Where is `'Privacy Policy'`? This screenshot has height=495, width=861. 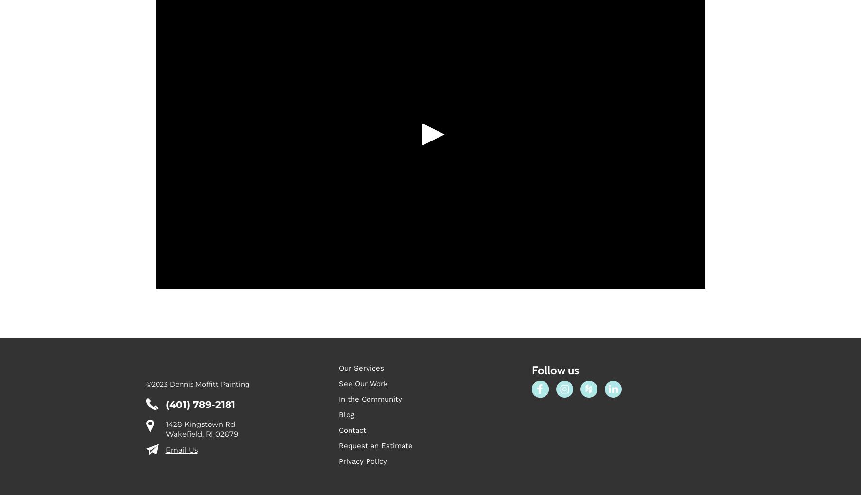 'Privacy Policy' is located at coordinates (363, 460).